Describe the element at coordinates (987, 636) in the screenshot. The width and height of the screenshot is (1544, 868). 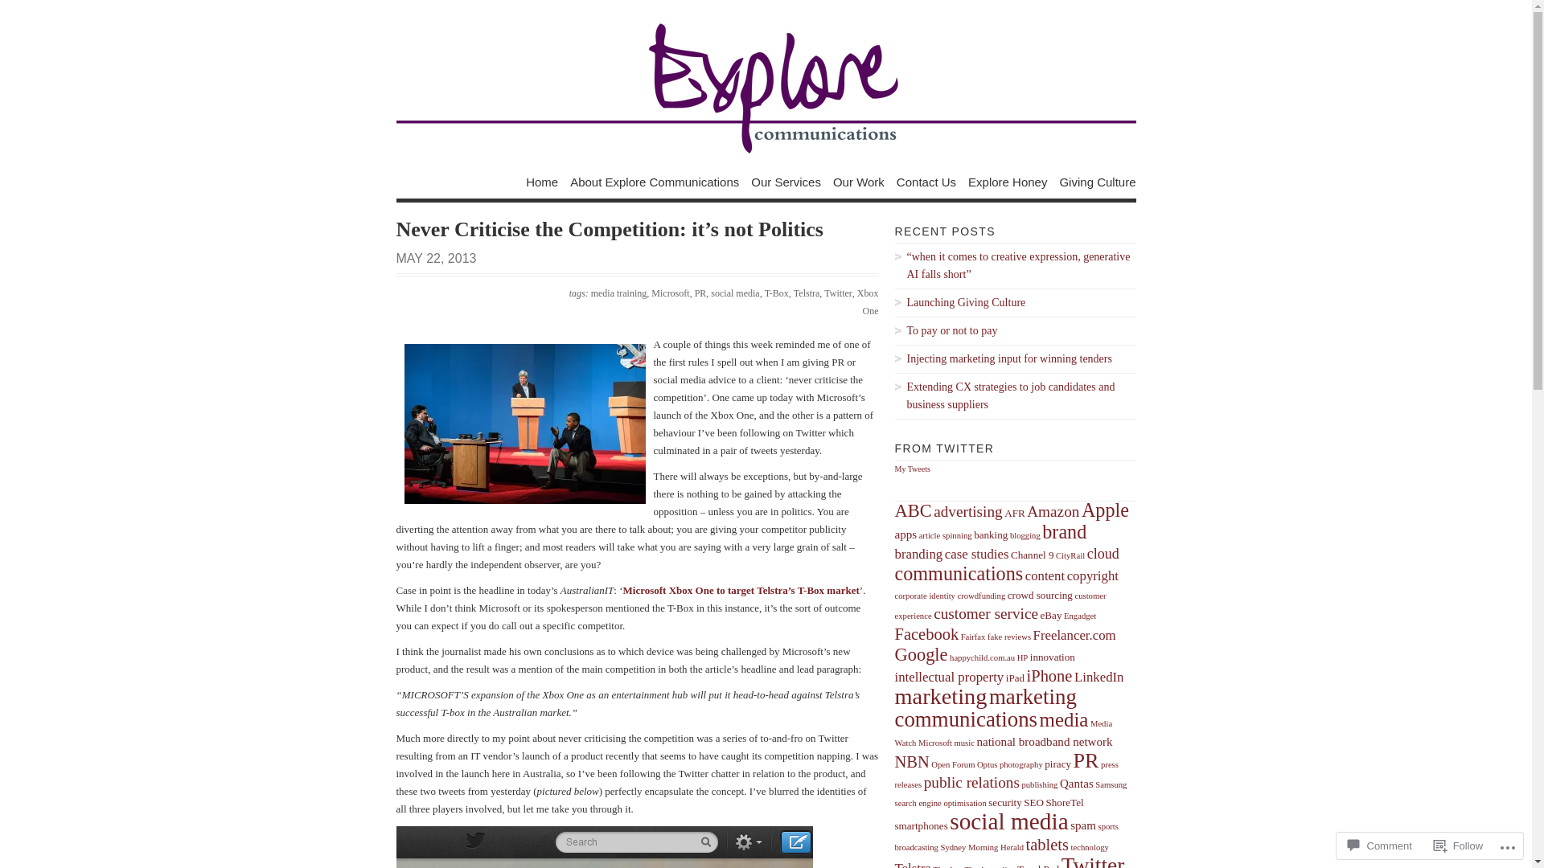
I see `'fake reviews'` at that location.